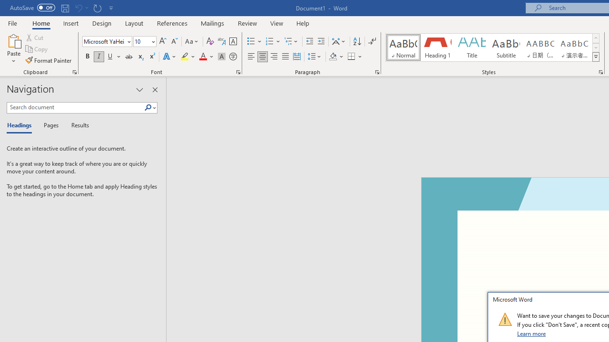 Image resolution: width=609 pixels, height=342 pixels. What do you see at coordinates (81, 8) in the screenshot?
I see `'Can'` at bounding box center [81, 8].